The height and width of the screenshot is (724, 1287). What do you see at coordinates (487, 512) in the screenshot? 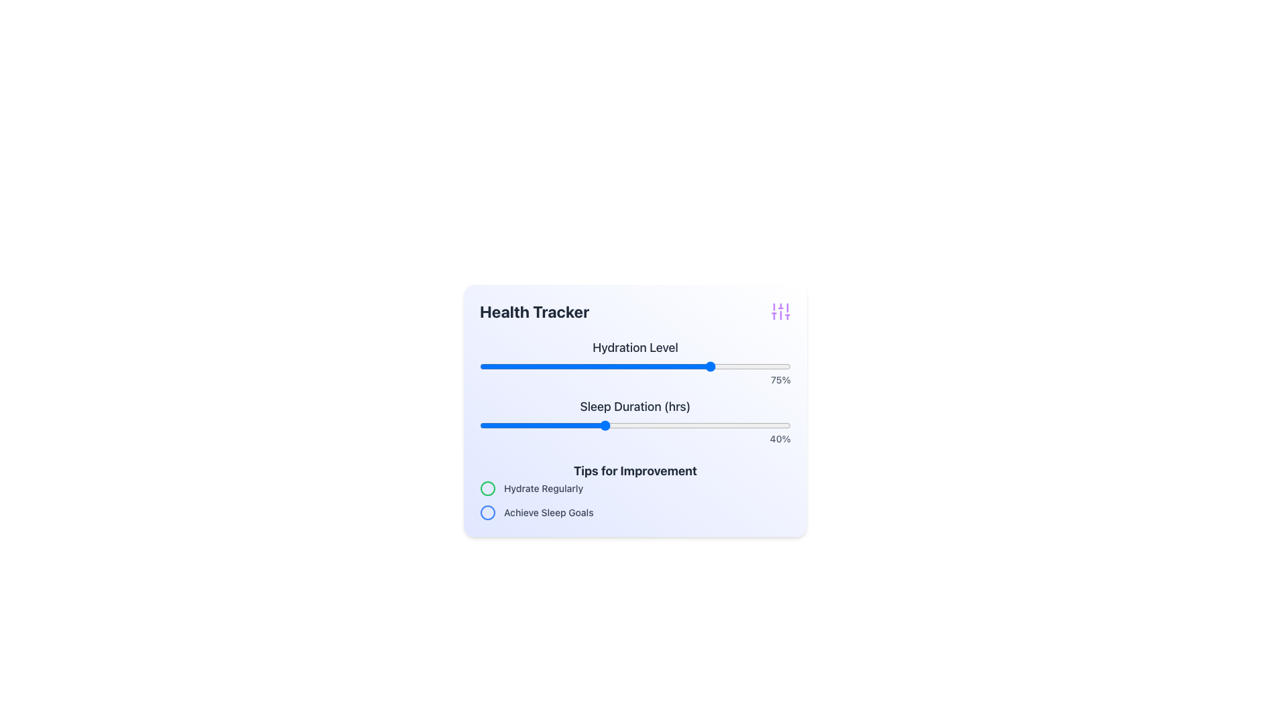
I see `the circular icon located to the left of the 'Achieve Sleep Goals' text within the 'Tips for Improvement' section of the 'Health Tracker' module` at bounding box center [487, 512].